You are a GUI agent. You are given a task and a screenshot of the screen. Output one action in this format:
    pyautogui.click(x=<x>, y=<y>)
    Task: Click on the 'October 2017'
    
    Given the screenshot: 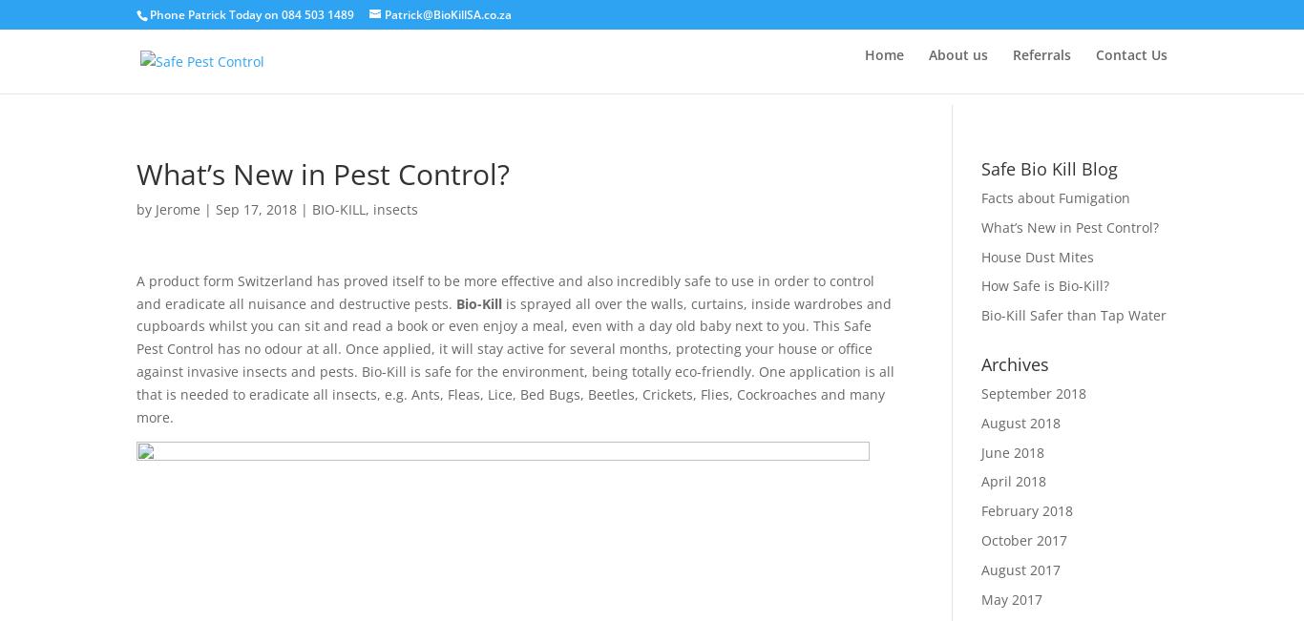 What is the action you would take?
    pyautogui.click(x=1022, y=538)
    